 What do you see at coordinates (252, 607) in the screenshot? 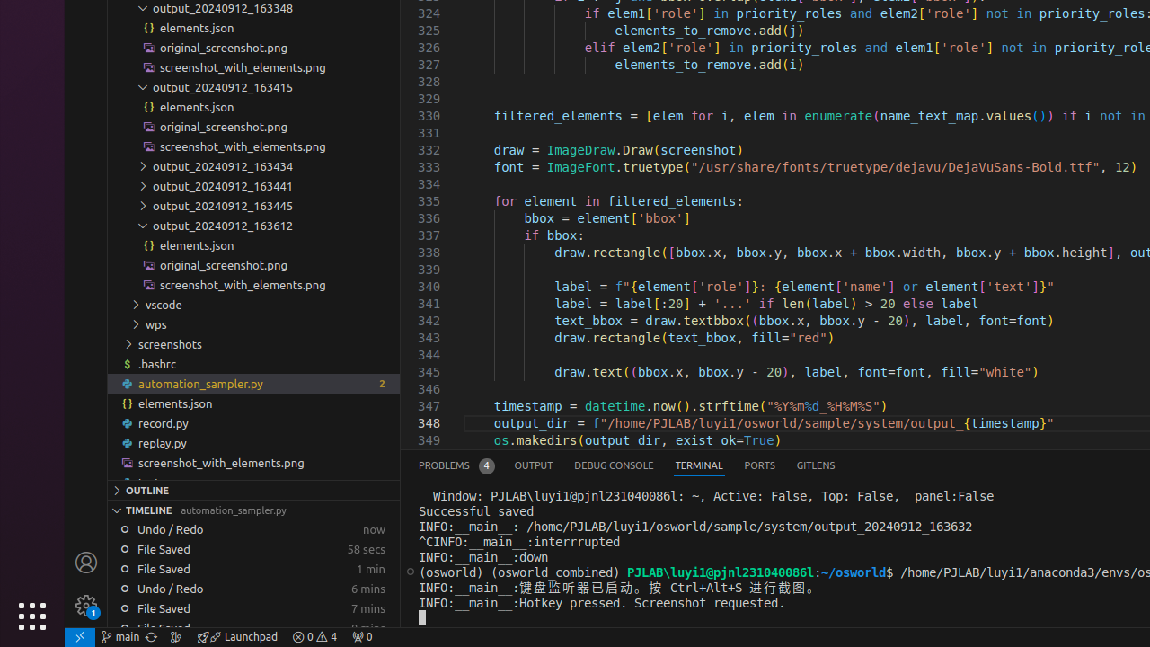
I see `'7 minutes: File Saved'` at bounding box center [252, 607].